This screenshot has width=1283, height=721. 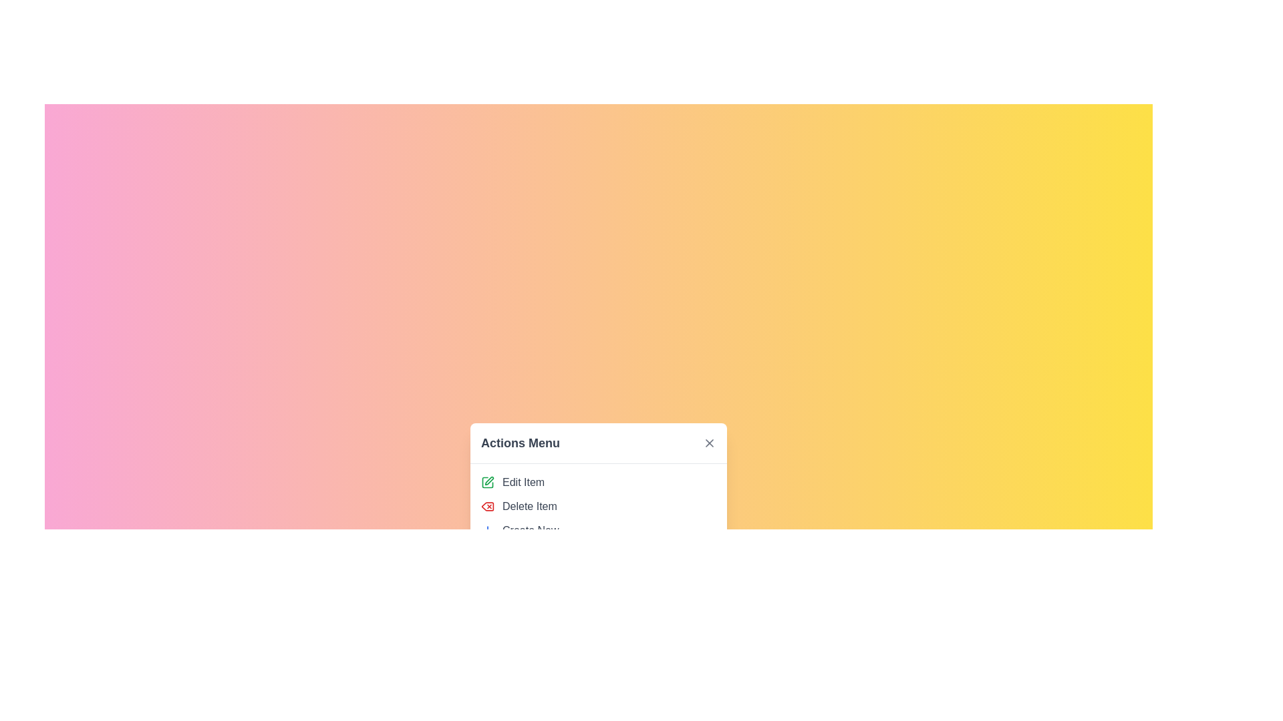 What do you see at coordinates (598, 506) in the screenshot?
I see `the second item in the 'Actions Menu' titled 'Delete', which is positioned under 'Edit Item' and above 'Create New'` at bounding box center [598, 506].